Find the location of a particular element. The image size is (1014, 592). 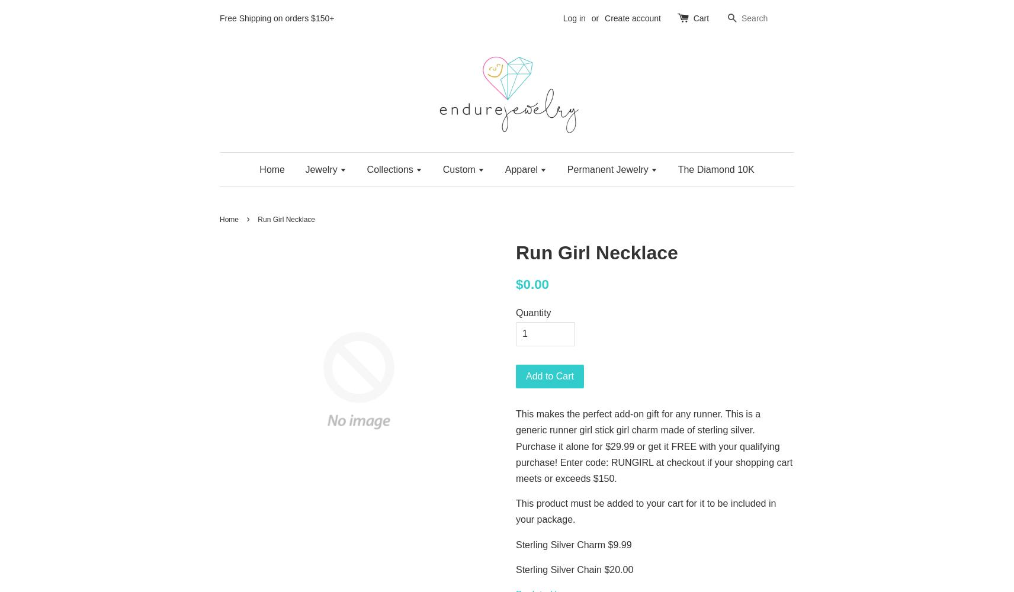

'Sterling Silver Chain $20.00' is located at coordinates (574, 568).